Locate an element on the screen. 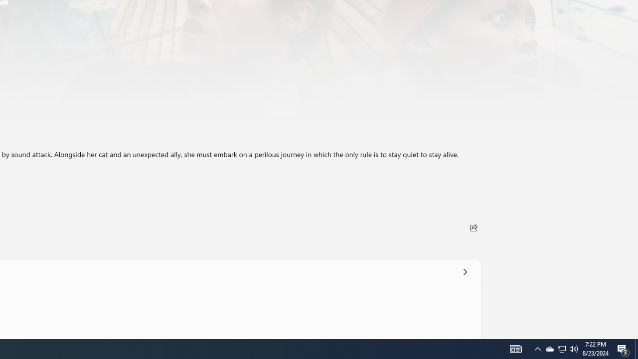  'Share' is located at coordinates (473, 227).